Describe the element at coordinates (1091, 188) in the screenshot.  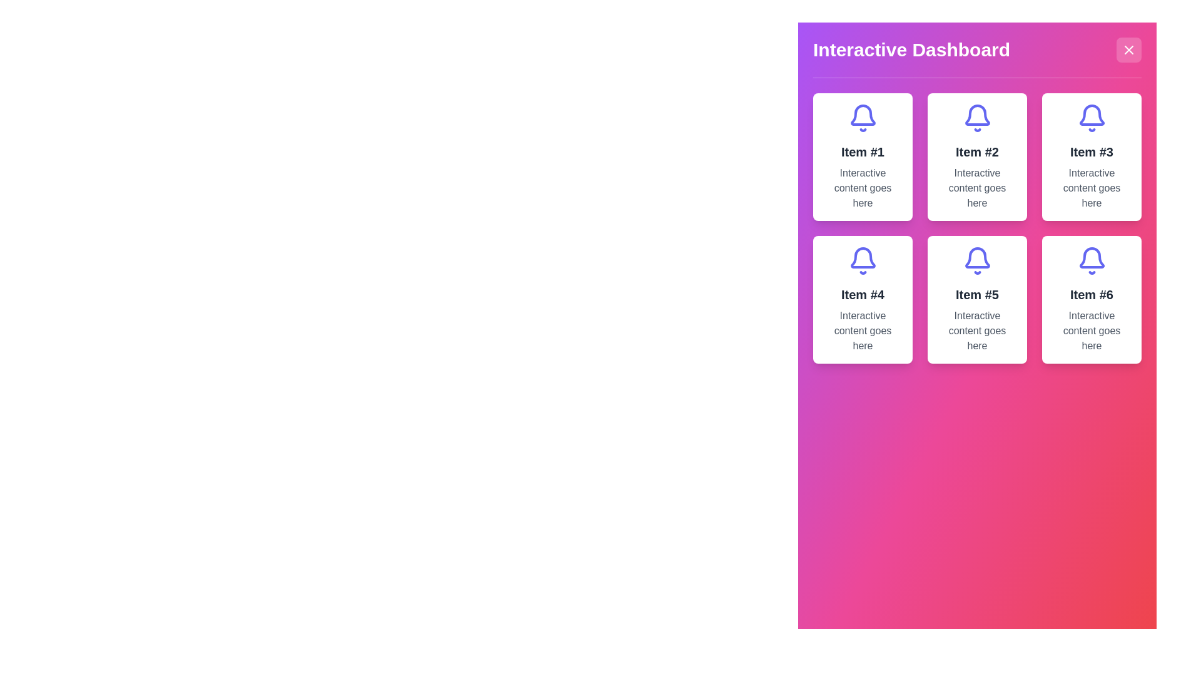
I see `the static text reading 'Interactive content goes here', which is styled with a gray font color and located beneath the heading 'Item #3' in the card-like section` at that location.